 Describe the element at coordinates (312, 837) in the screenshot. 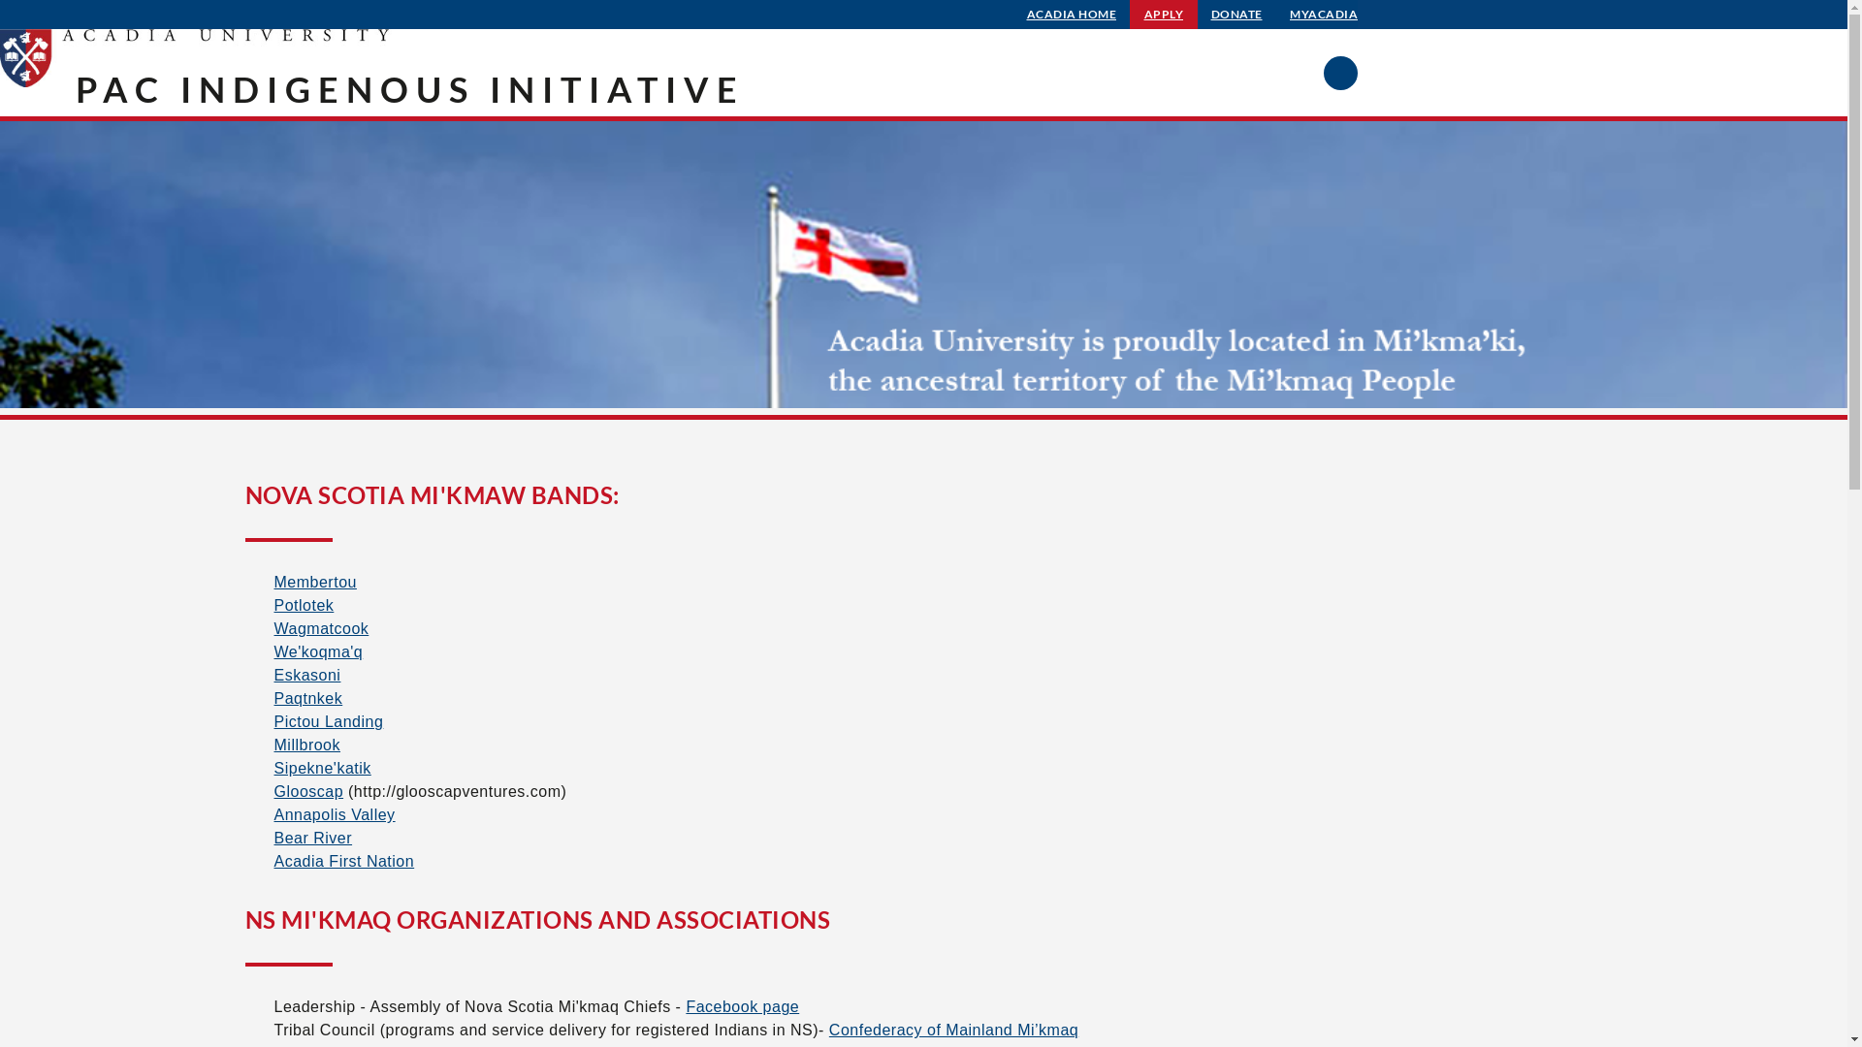

I see `'Bear River'` at that location.